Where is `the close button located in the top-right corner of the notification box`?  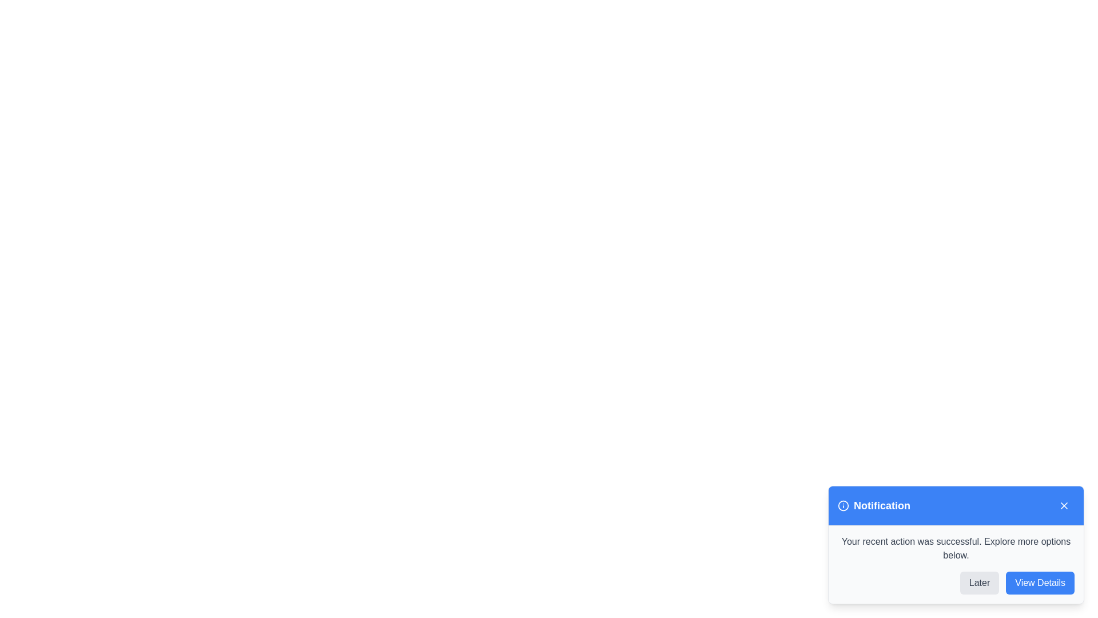
the close button located in the top-right corner of the notification box is located at coordinates (1064, 505).